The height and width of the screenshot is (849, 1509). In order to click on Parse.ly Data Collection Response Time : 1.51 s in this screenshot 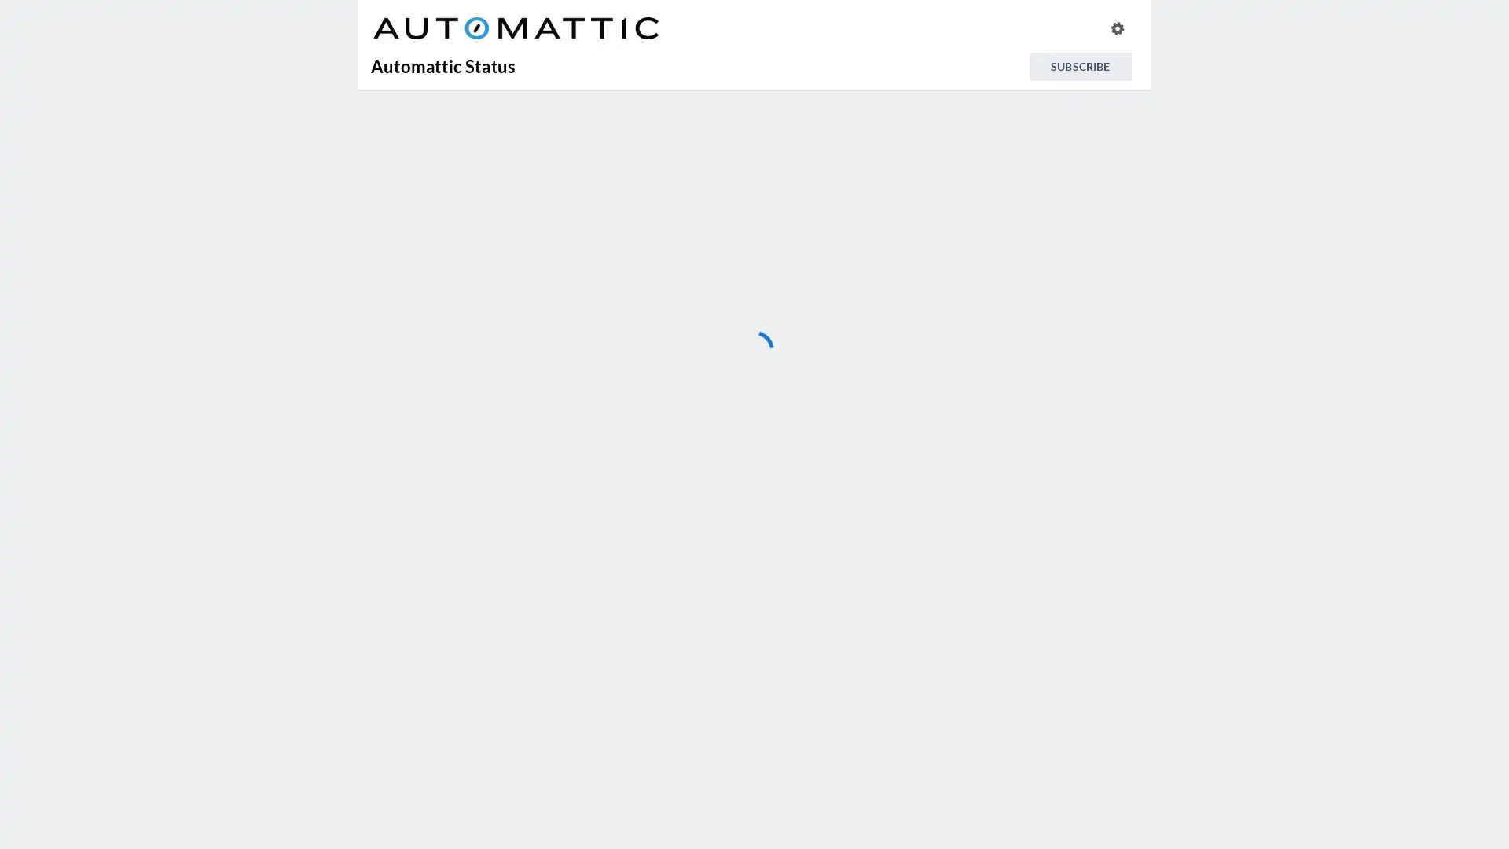, I will do `click(659, 744)`.